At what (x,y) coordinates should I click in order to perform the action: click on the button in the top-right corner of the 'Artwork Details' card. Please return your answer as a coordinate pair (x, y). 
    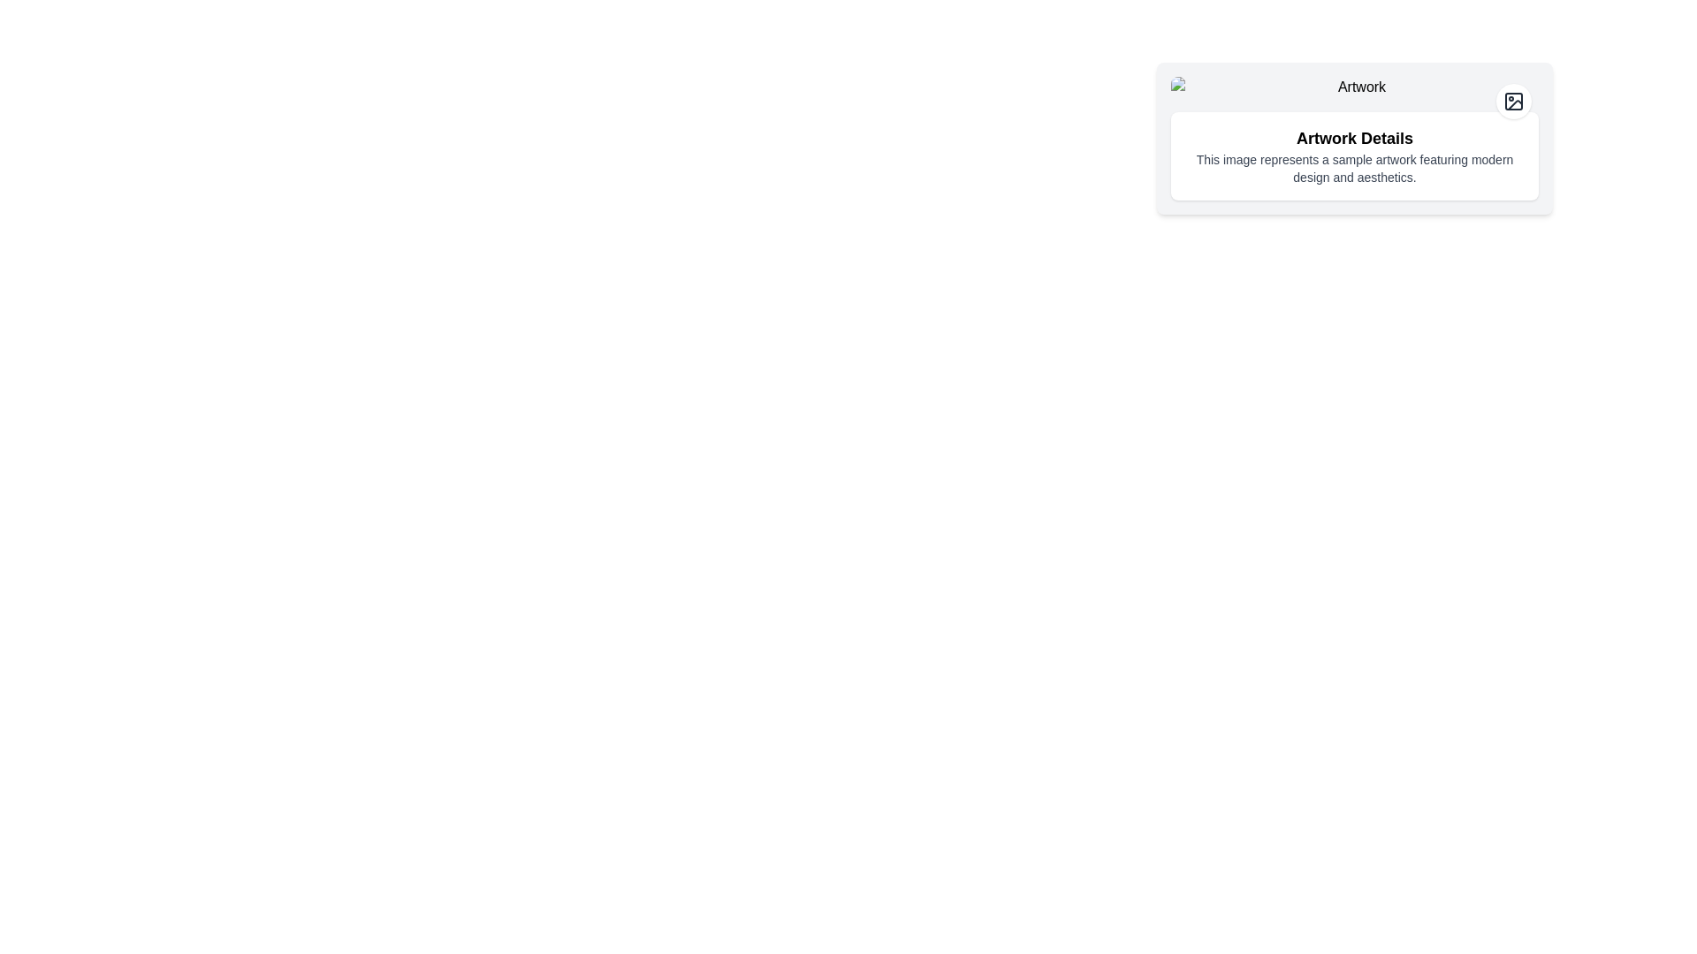
    Looking at the image, I should click on (1513, 102).